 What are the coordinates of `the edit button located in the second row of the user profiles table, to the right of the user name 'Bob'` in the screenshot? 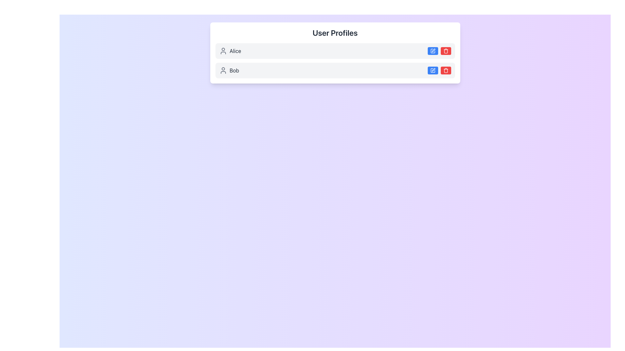 It's located at (433, 70).